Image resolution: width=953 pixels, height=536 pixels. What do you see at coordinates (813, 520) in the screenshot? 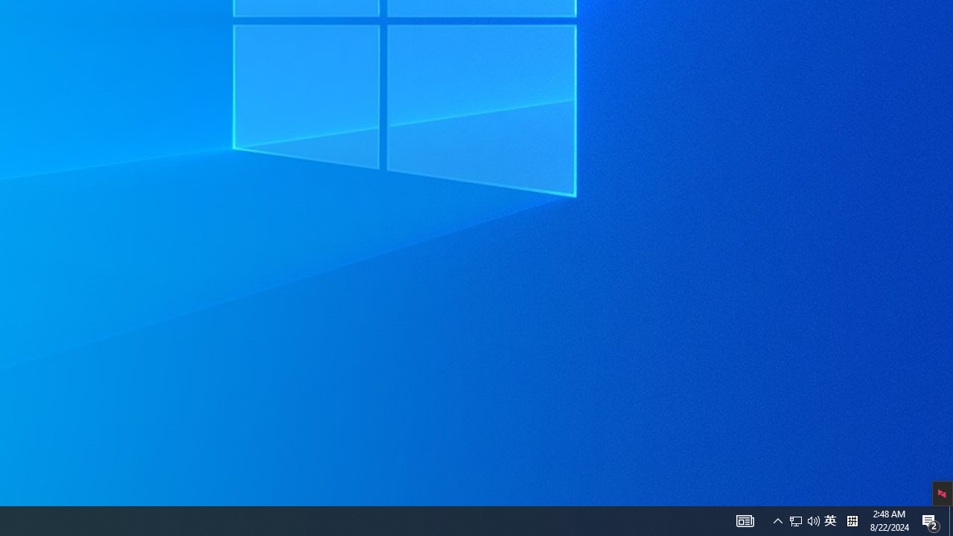
I see `'Notification Chevron'` at bounding box center [813, 520].